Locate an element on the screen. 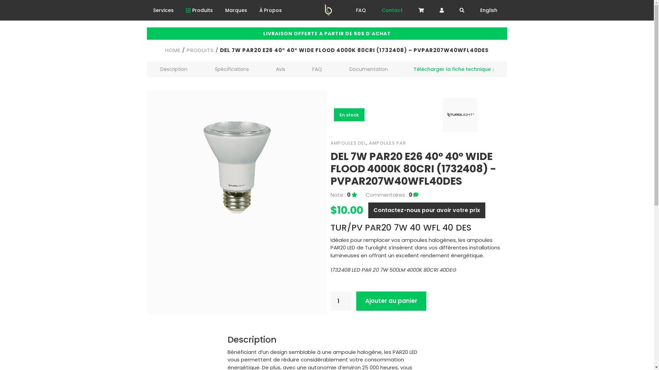 The height and width of the screenshot is (370, 659). 'Contactez-nous pour avoir votre prix' is located at coordinates (426, 210).